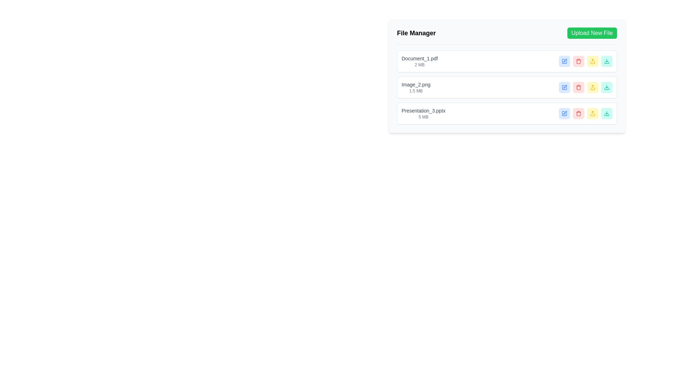 The width and height of the screenshot is (677, 381). I want to click on the download icon button located at the far right of the file list interface, within a teal-colored circular background, to initiate the download of 'Presentation_3.pptx', so click(606, 61).